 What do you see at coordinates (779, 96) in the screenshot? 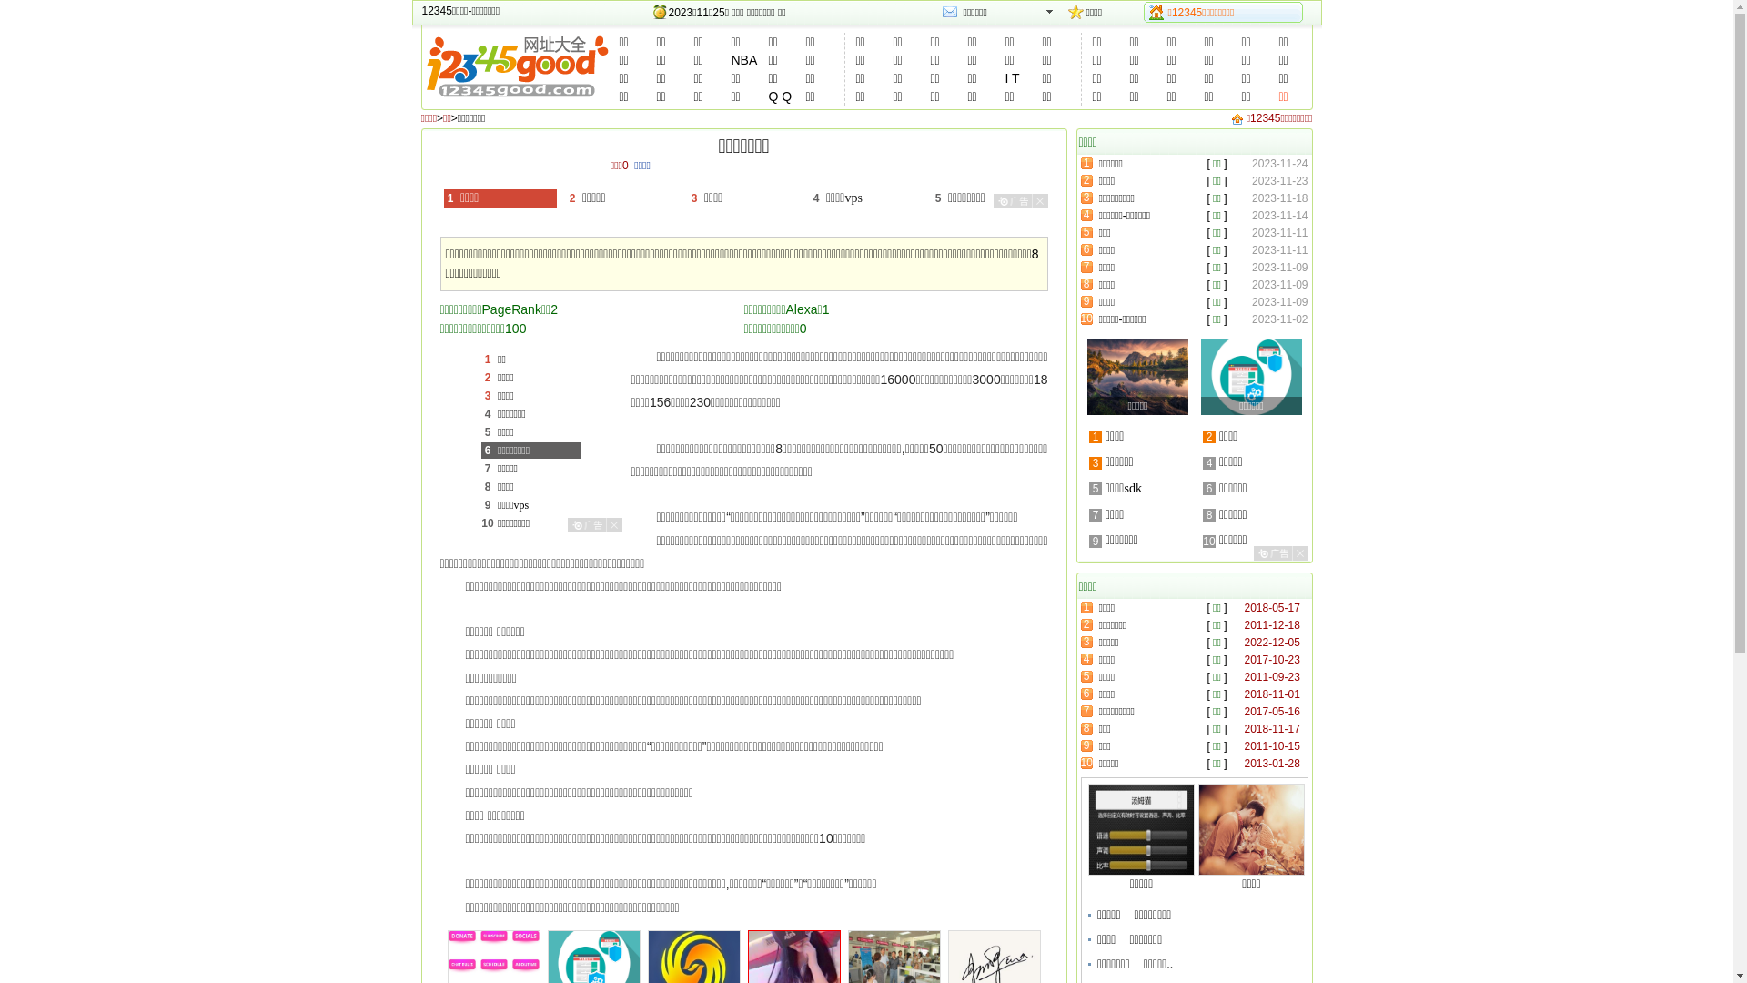
I see `'Q Q'` at bounding box center [779, 96].